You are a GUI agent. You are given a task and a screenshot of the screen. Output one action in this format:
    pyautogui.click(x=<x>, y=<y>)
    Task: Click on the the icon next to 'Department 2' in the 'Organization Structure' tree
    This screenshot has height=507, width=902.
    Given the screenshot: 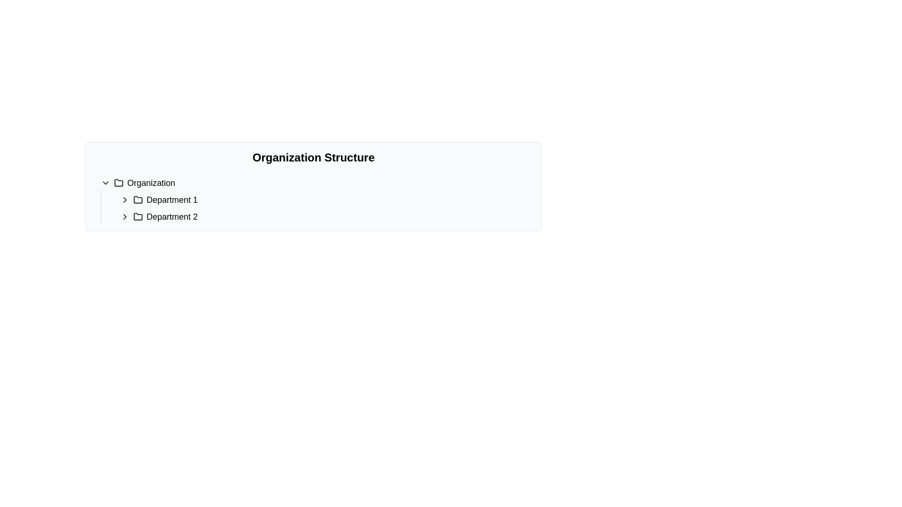 What is the action you would take?
    pyautogui.click(x=124, y=217)
    